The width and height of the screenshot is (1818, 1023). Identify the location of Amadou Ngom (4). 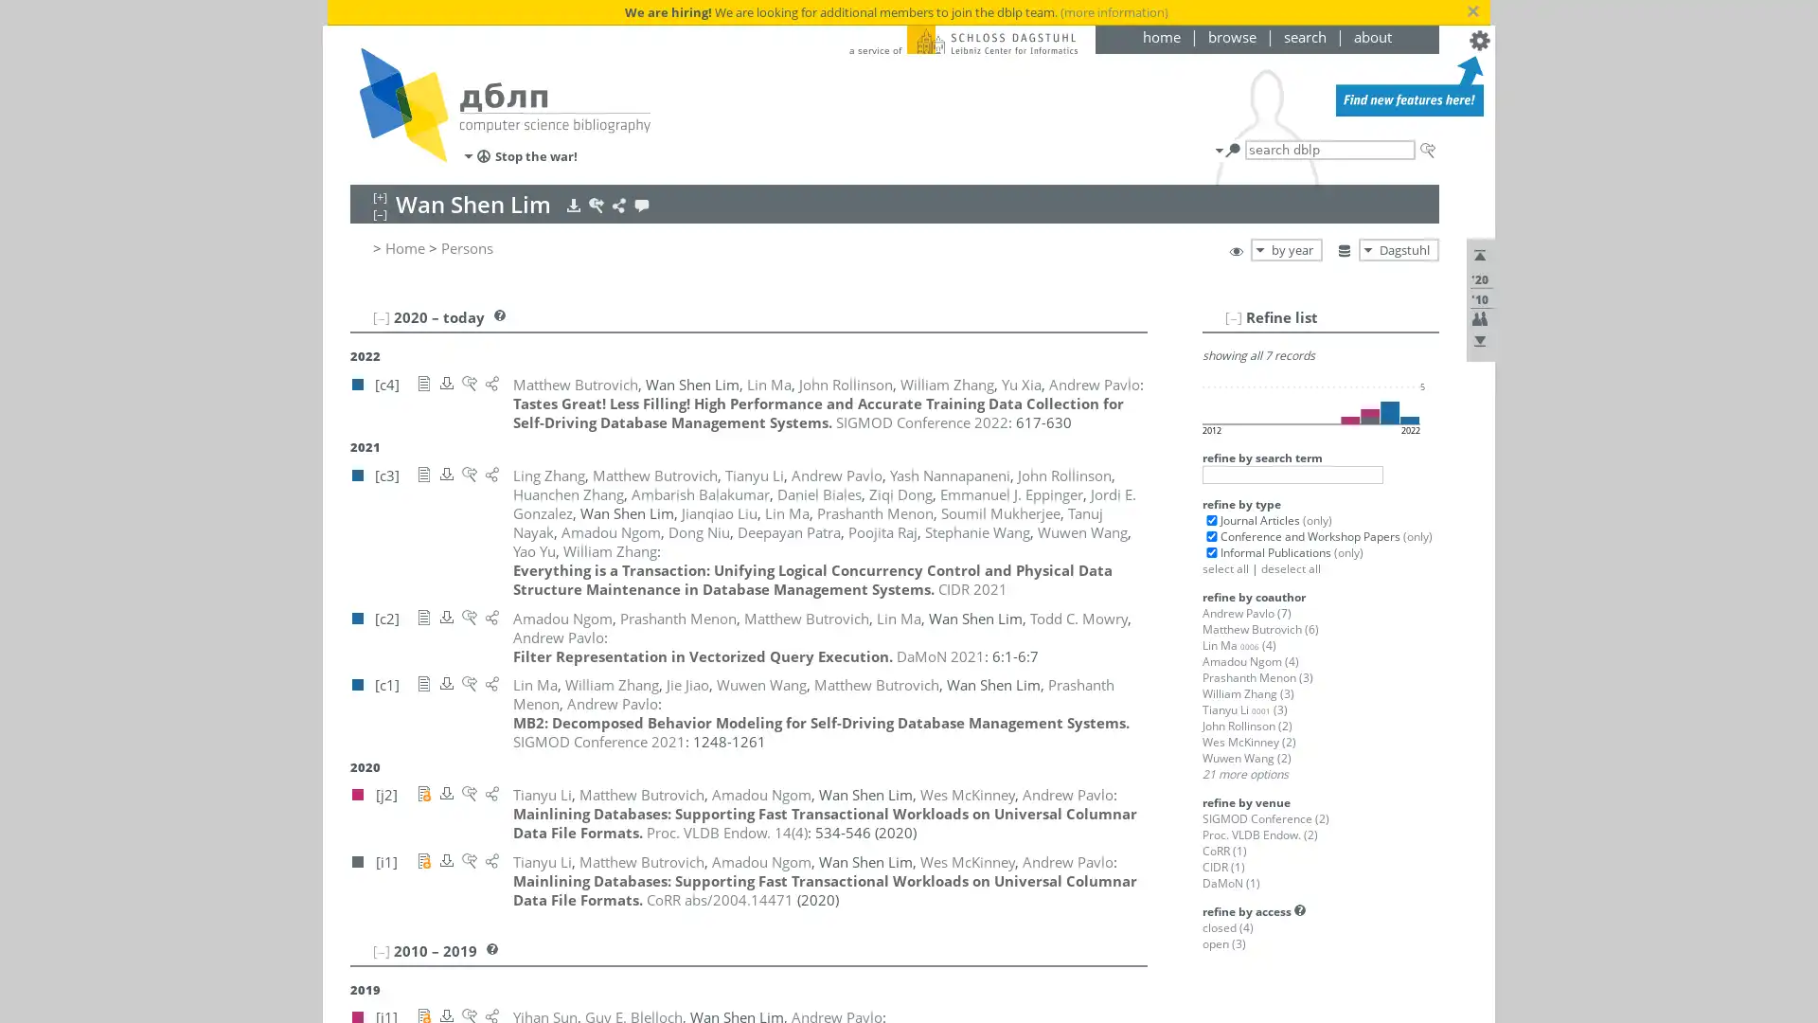
(1250, 660).